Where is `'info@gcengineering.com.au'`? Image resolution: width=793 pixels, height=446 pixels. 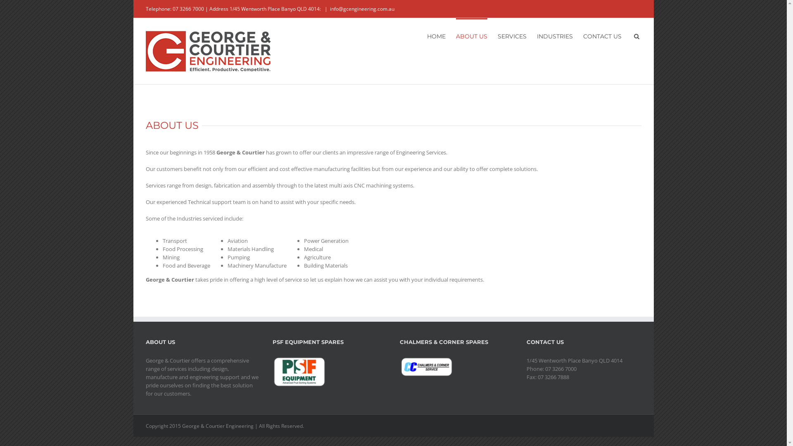
'info@gcengineering.com.au' is located at coordinates (362, 9).